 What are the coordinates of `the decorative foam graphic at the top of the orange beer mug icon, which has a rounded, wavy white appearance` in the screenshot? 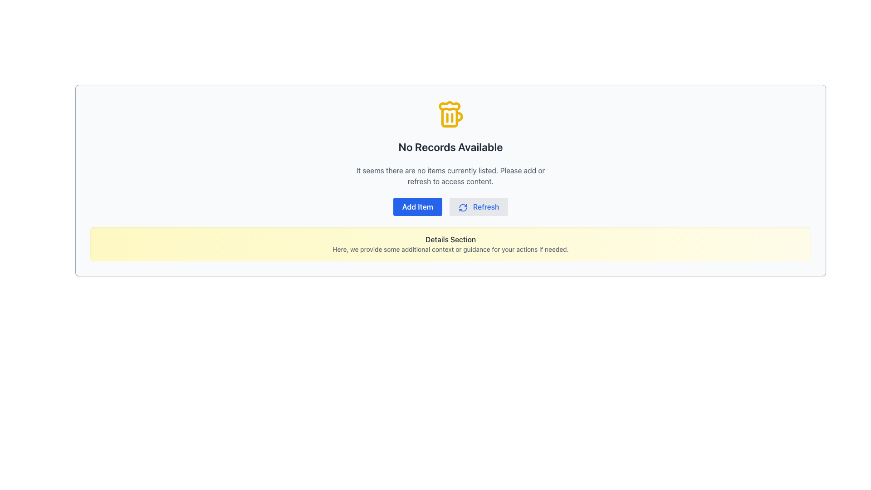 It's located at (449, 105).